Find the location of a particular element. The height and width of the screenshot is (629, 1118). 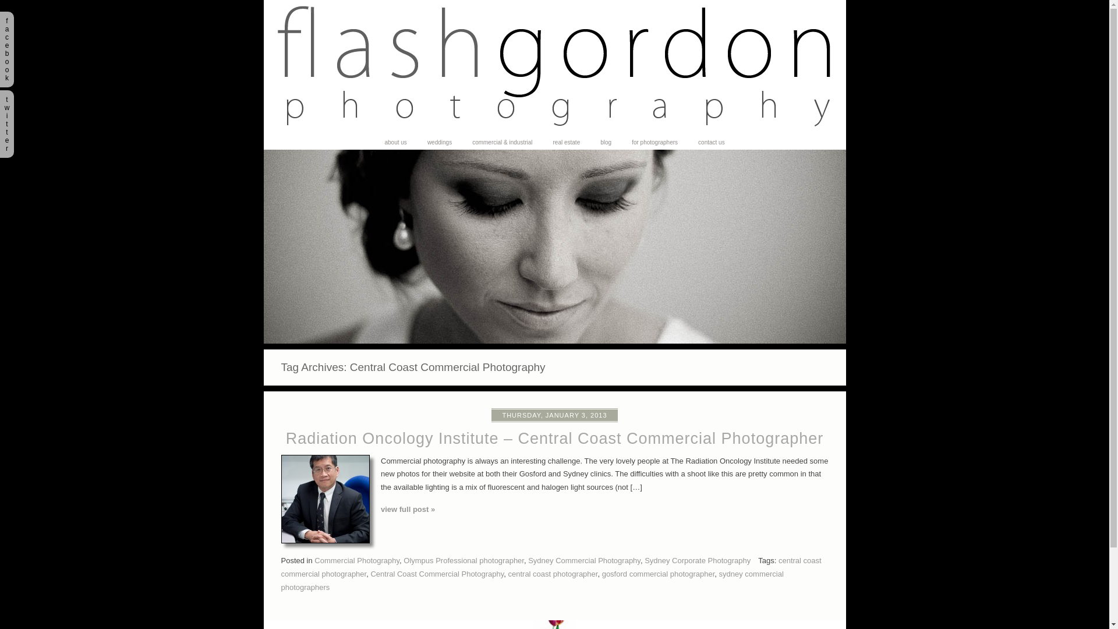

'Sydney Commercial Photography' is located at coordinates (584, 560).